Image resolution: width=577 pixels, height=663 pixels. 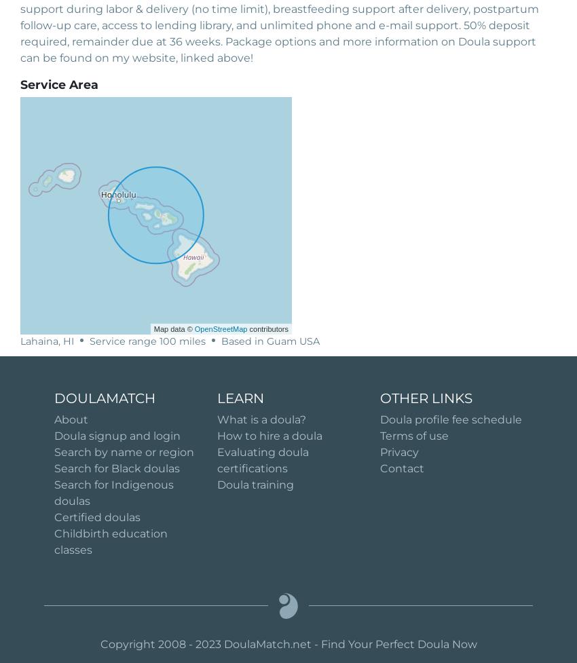 What do you see at coordinates (58, 84) in the screenshot?
I see `'Service Area'` at bounding box center [58, 84].